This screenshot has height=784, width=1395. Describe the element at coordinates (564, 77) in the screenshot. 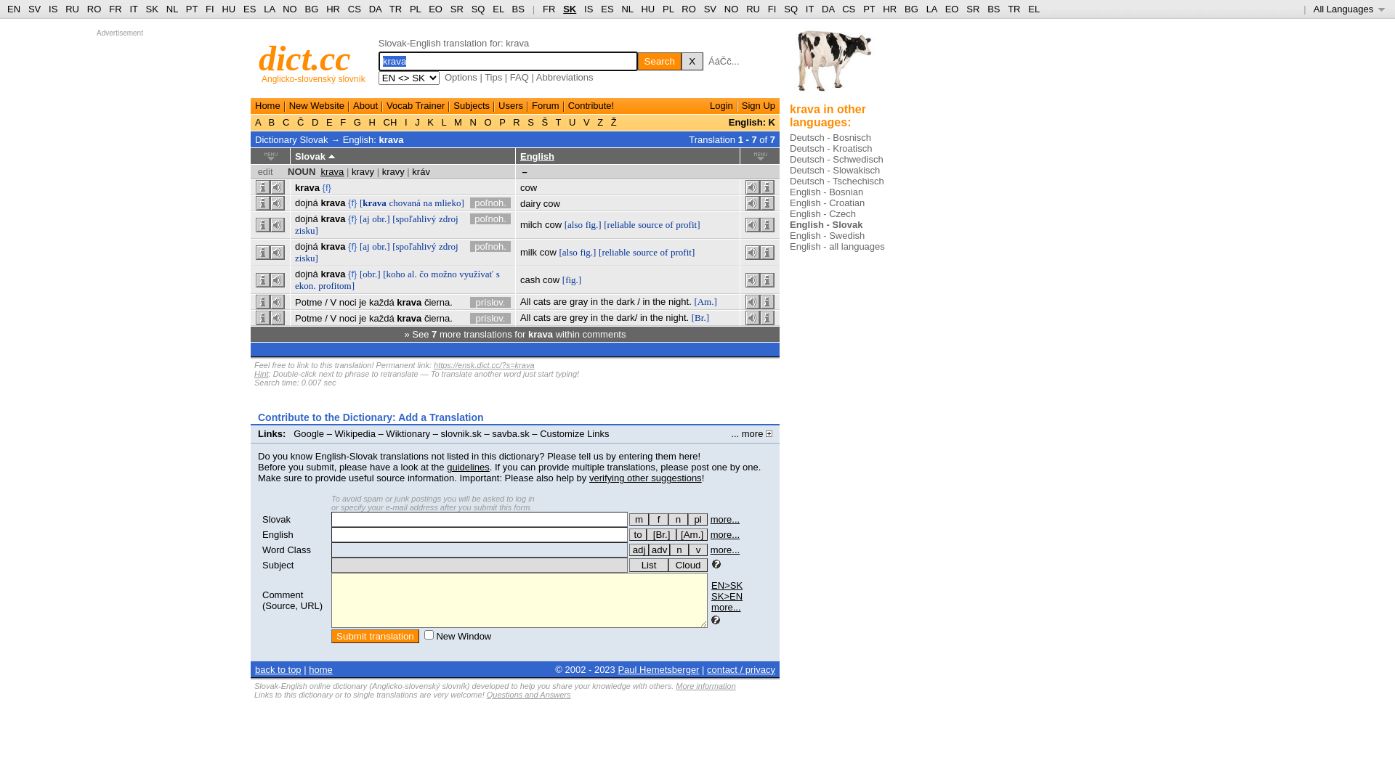

I see `'Abbreviations'` at that location.